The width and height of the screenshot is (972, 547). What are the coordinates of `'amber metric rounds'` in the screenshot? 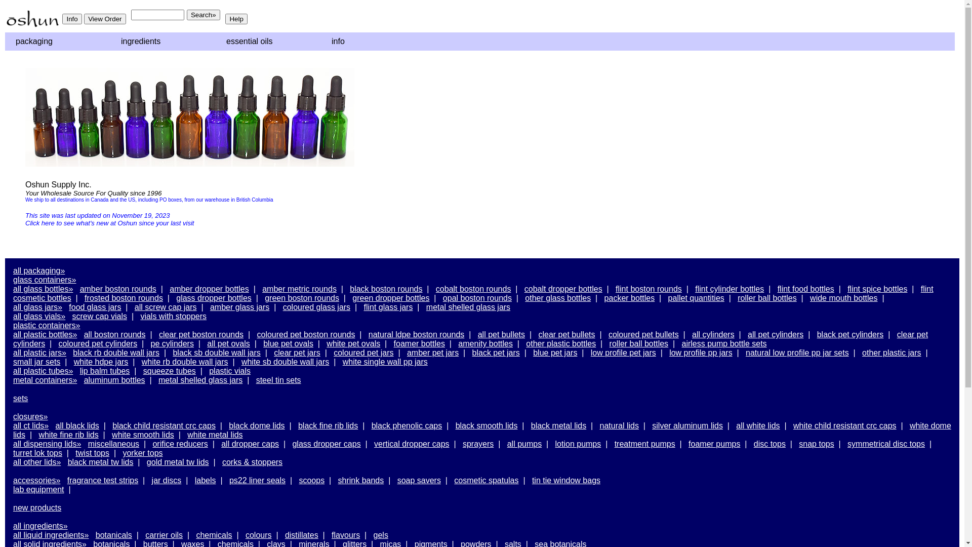 It's located at (262, 289).